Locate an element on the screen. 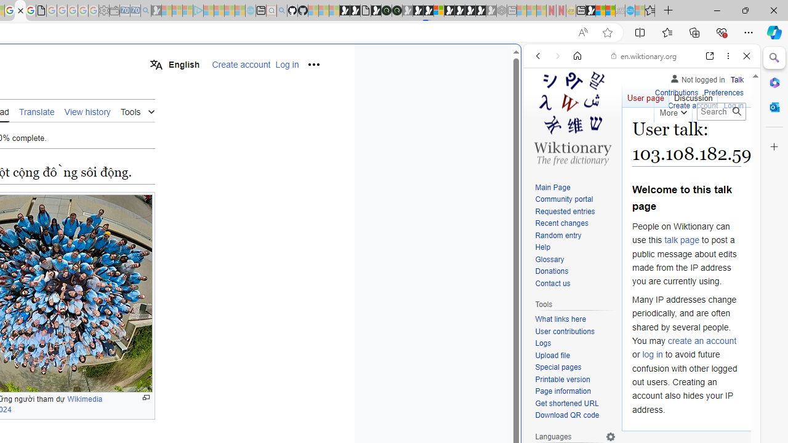 Image resolution: width=788 pixels, height=443 pixels. 'Search Wiktionary' is located at coordinates (721, 111).